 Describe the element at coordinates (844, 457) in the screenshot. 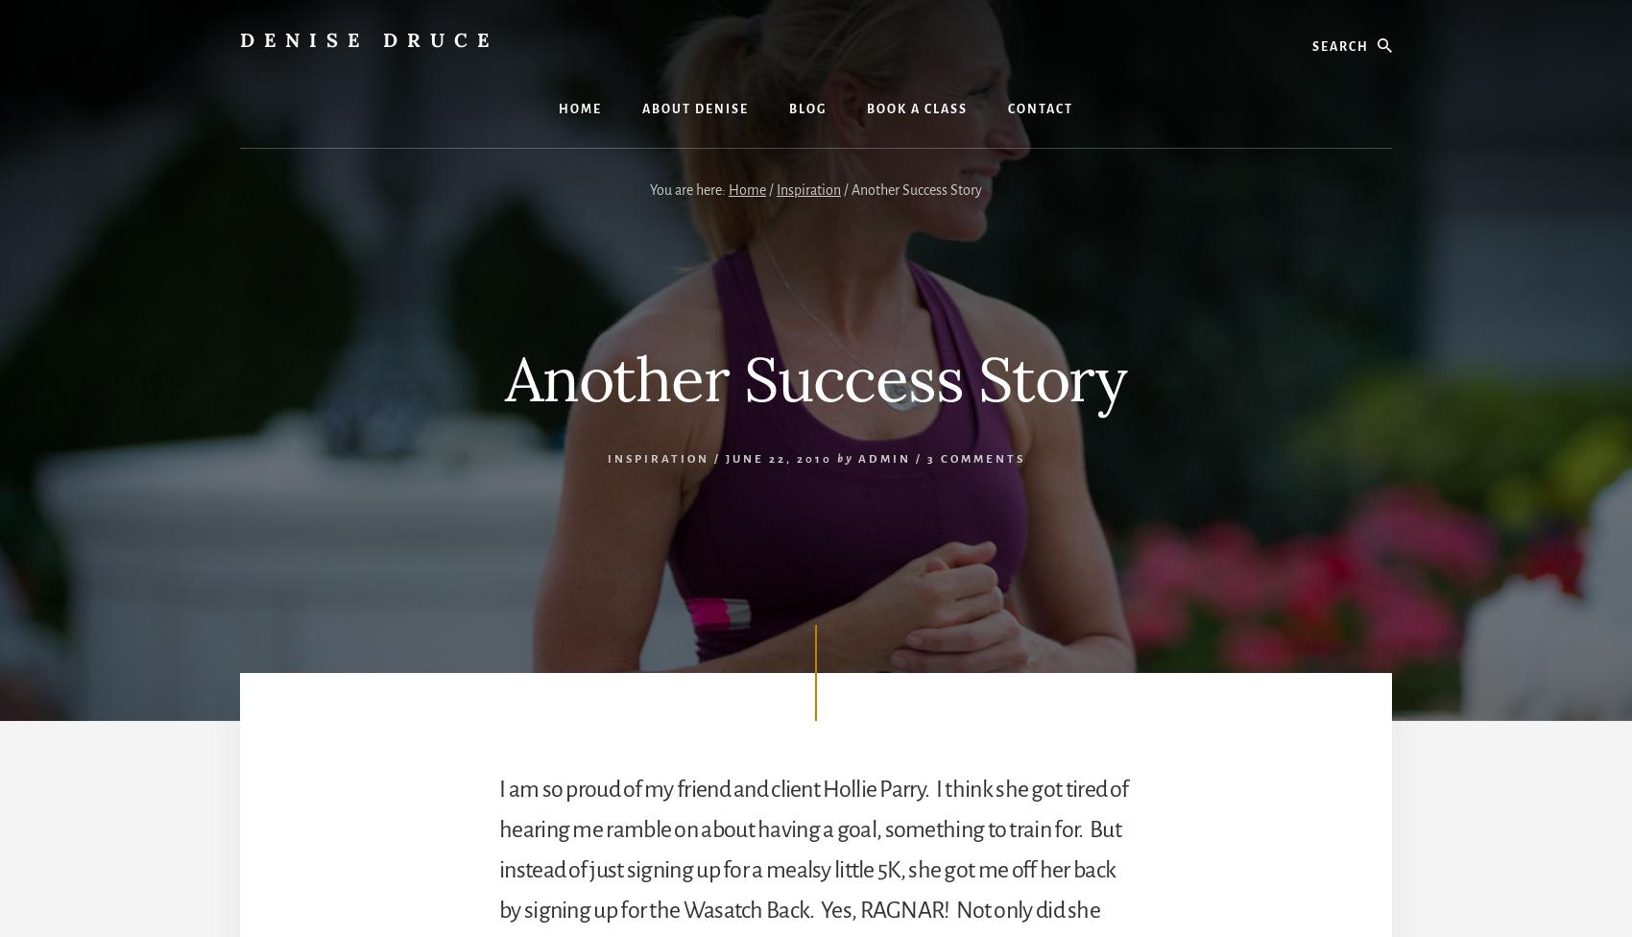

I see `'by'` at that location.